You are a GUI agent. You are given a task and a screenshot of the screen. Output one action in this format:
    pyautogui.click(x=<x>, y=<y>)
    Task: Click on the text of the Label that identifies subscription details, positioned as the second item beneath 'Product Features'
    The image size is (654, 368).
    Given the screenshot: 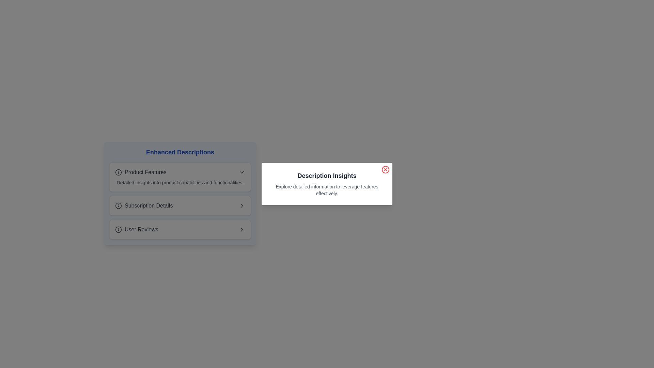 What is the action you would take?
    pyautogui.click(x=148, y=205)
    